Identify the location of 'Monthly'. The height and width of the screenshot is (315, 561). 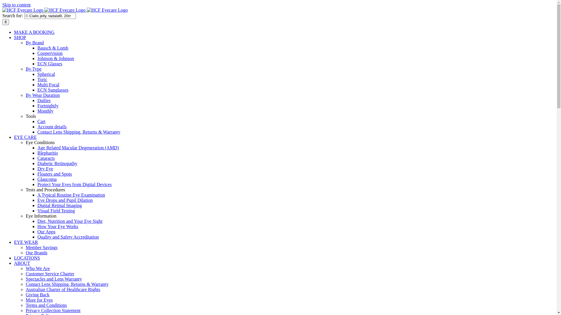
(45, 111).